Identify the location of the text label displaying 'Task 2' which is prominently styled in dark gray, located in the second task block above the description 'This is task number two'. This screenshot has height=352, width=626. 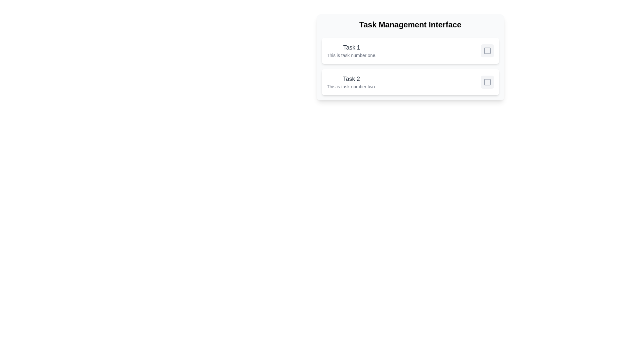
(351, 79).